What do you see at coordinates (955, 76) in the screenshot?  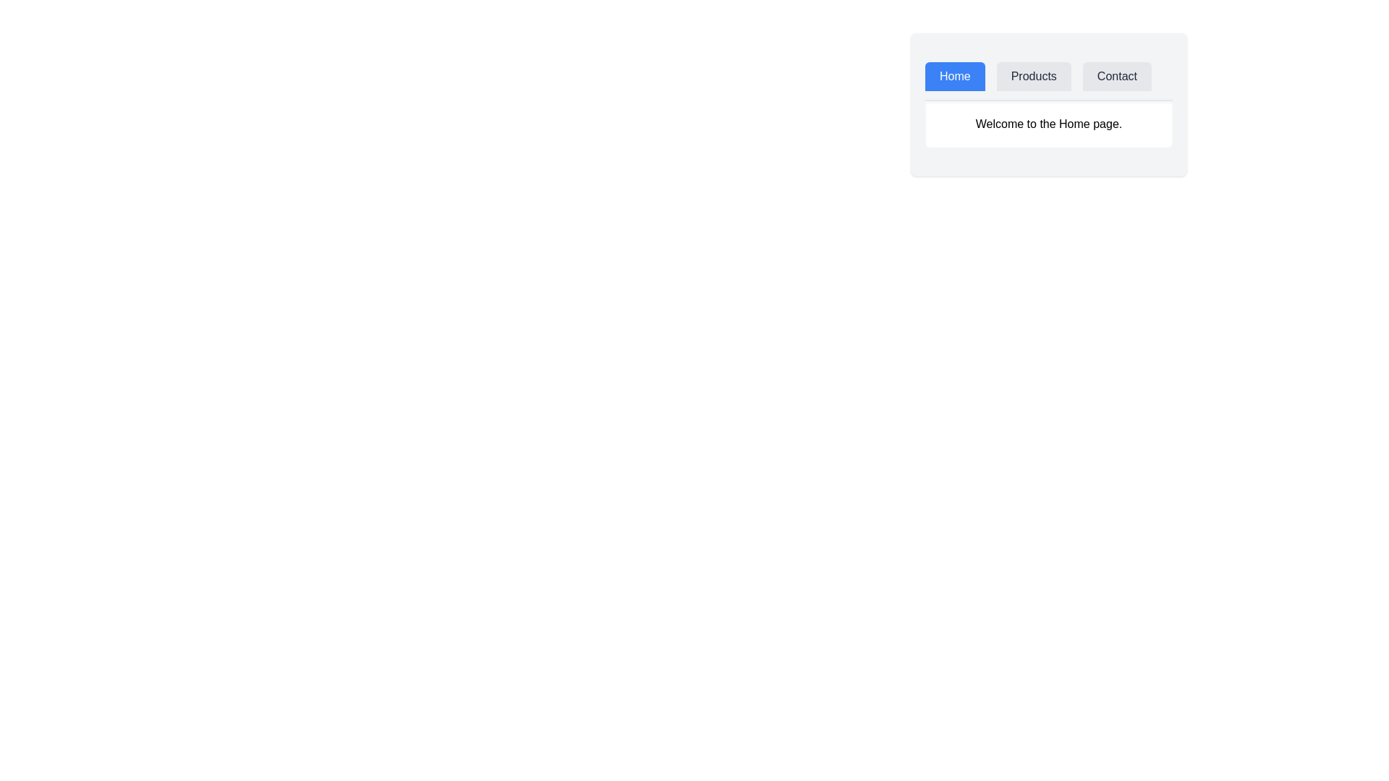 I see `the Home tab to switch its content` at bounding box center [955, 76].